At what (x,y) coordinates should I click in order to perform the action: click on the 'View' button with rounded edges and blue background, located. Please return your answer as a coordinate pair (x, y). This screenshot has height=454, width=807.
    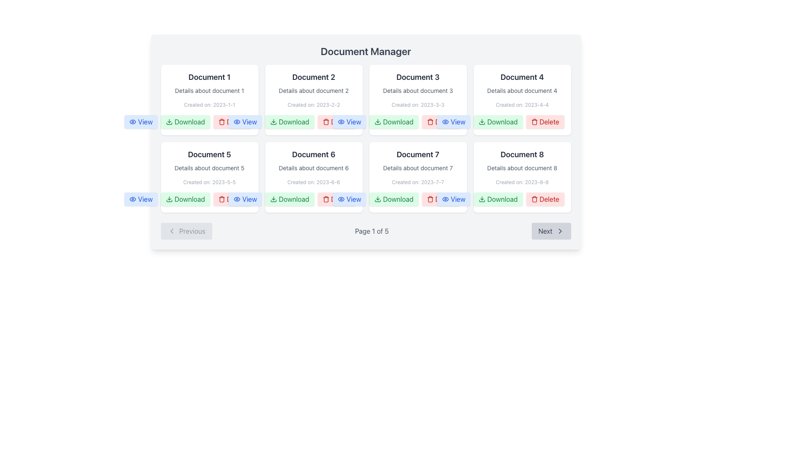
    Looking at the image, I should click on (454, 121).